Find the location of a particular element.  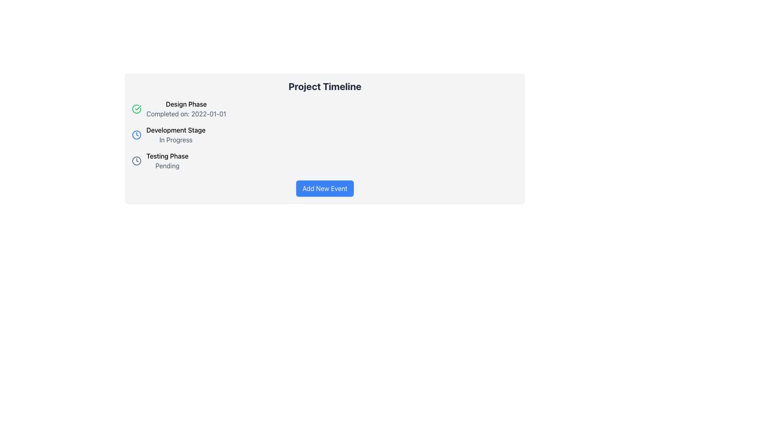

the green checkmark icon within the circular boundary, which indicates a completed action in the 'Design Phase' status of the 'Project Timeline' section is located at coordinates (138, 107).